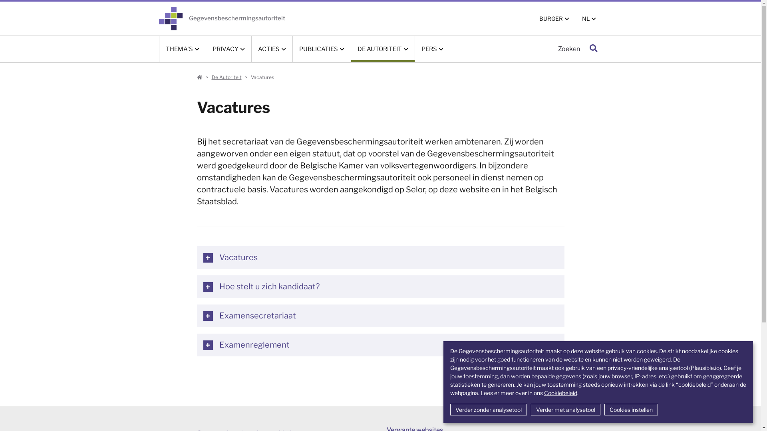 This screenshot has height=431, width=767. What do you see at coordinates (380, 315) in the screenshot?
I see `'Examensecretariaat'` at bounding box center [380, 315].